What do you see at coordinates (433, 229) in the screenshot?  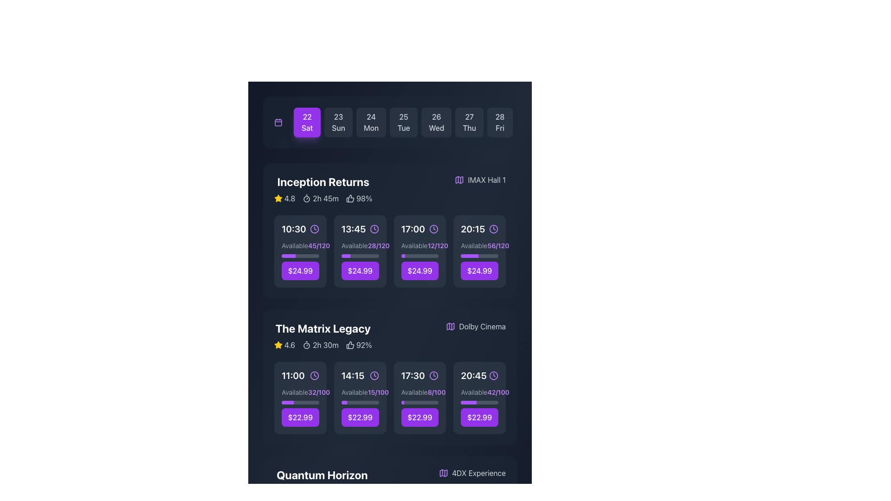 I see `the circular SVG graphic with a thin purple outline located next to the '17:00' text in the interactive schedule for the 'Inception Returns' section` at bounding box center [433, 229].